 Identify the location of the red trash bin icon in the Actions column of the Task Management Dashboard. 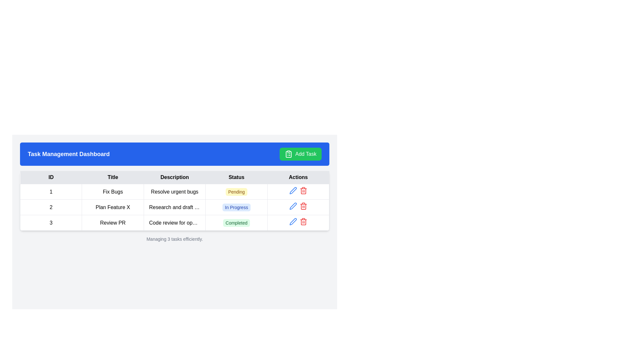
(298, 222).